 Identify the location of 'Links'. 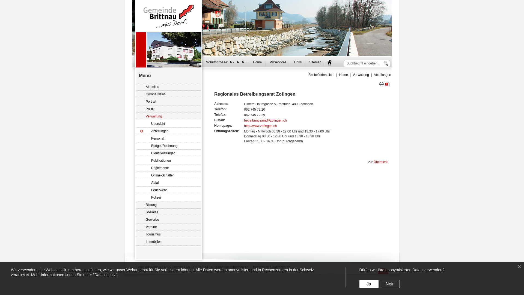
(297, 62).